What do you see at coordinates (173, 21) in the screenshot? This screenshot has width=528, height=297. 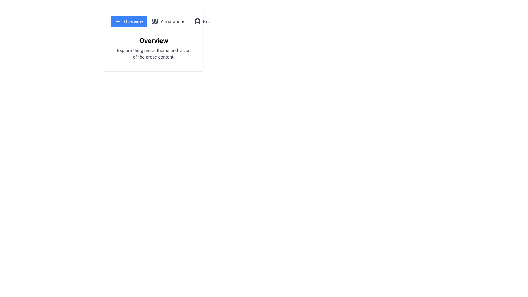 I see `the 'Annotations' text label in the navigation bar` at bounding box center [173, 21].